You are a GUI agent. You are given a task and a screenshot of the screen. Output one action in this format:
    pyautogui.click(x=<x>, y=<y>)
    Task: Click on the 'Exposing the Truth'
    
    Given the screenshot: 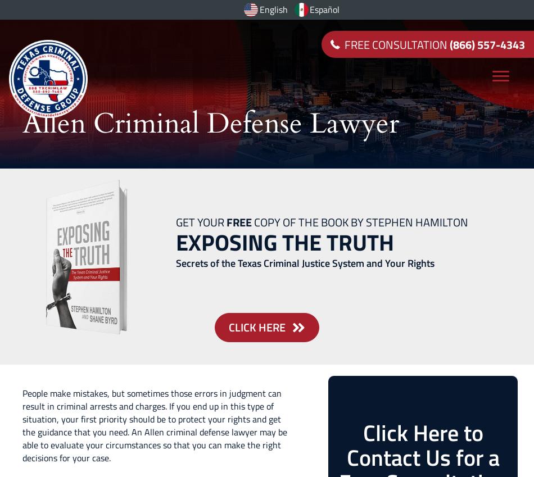 What is the action you would take?
    pyautogui.click(x=285, y=242)
    